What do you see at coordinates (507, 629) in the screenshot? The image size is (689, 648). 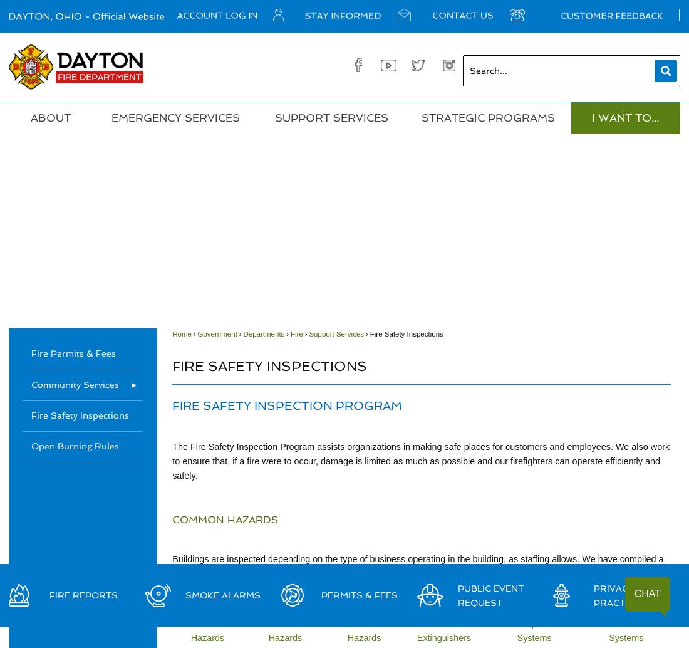 I see `'Fire Sprinkler Systems'` at bounding box center [507, 629].